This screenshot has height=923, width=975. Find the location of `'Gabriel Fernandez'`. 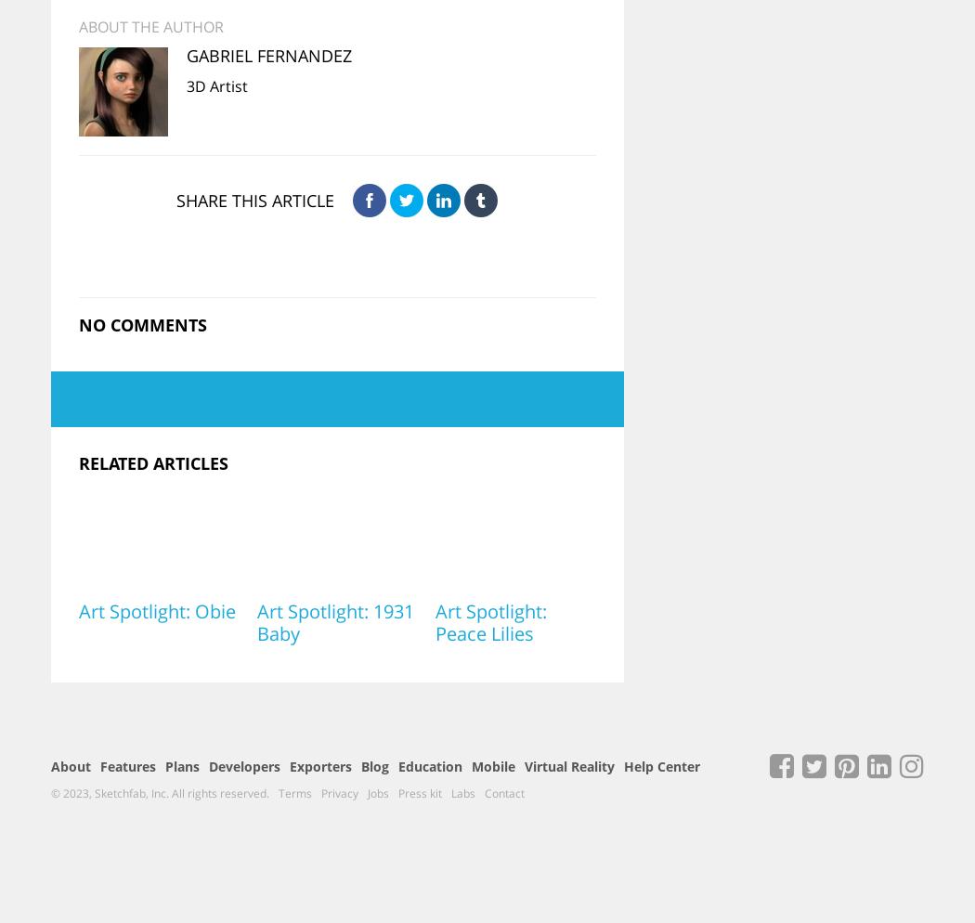

'Gabriel Fernandez' is located at coordinates (268, 54).